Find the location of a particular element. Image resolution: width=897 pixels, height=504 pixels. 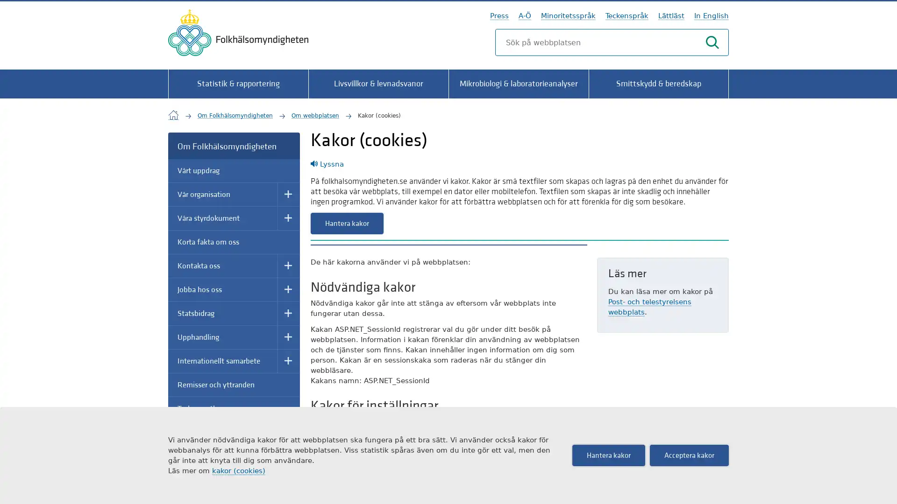

Hantera kakor is located at coordinates (608, 455).